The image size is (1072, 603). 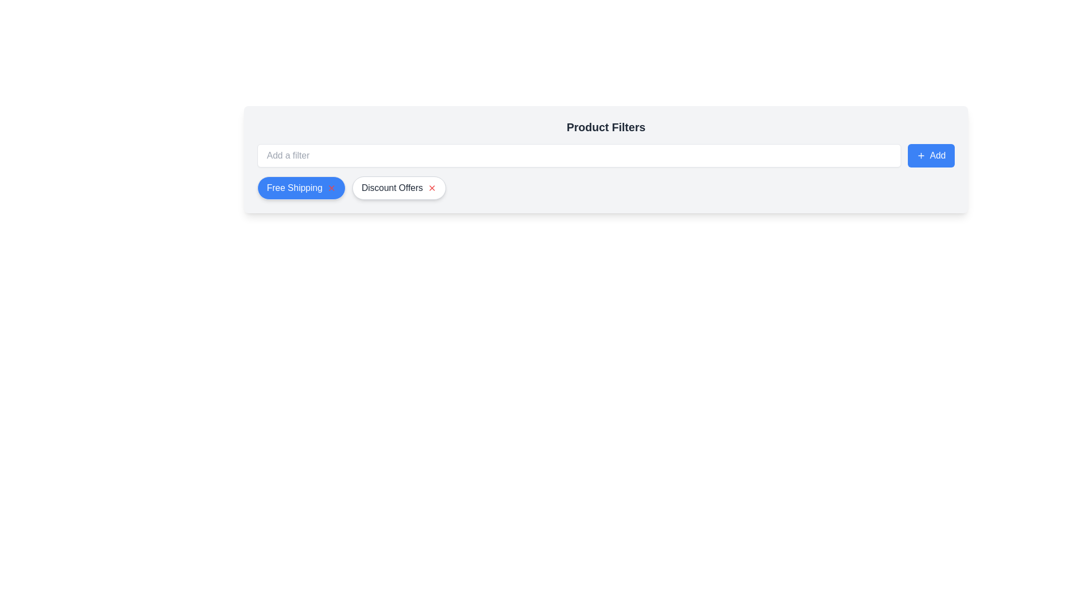 What do you see at coordinates (399, 187) in the screenshot?
I see `the 'Discount Offers' button with a close icon, which is the second button in the sequence within the 'Product Filters' section` at bounding box center [399, 187].